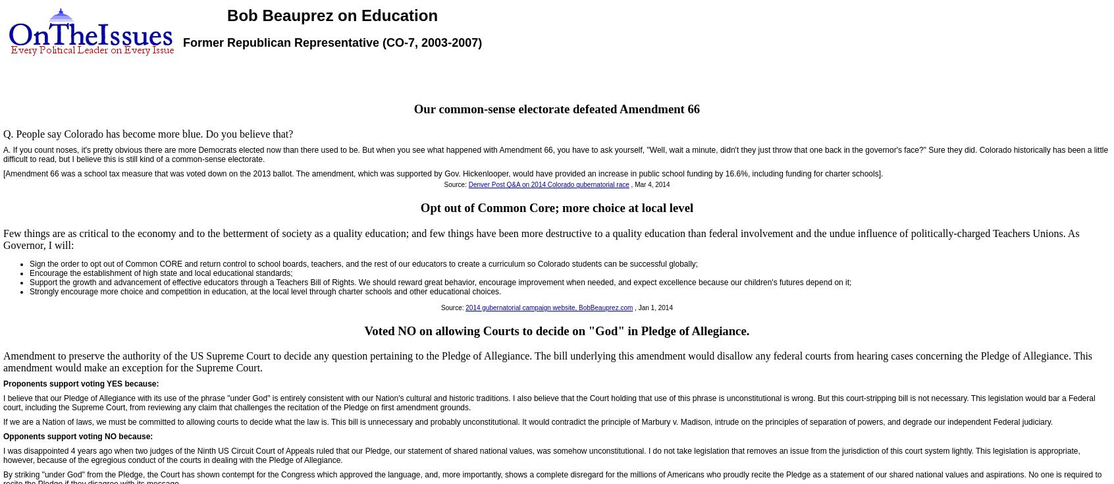 The image size is (1114, 484). I want to click on 'Encourage the establishment of high state and local educational standards;', so click(161, 273).